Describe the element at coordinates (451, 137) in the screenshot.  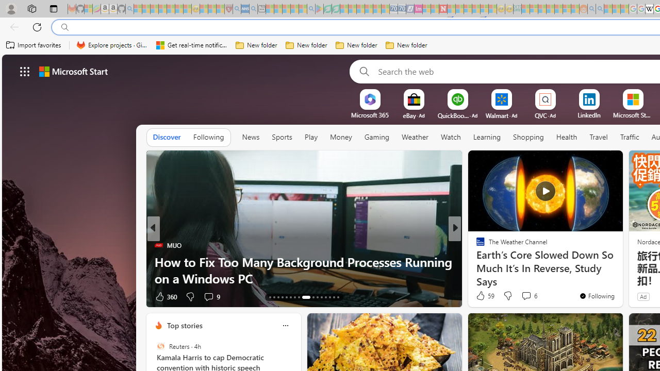
I see `'Watch'` at that location.